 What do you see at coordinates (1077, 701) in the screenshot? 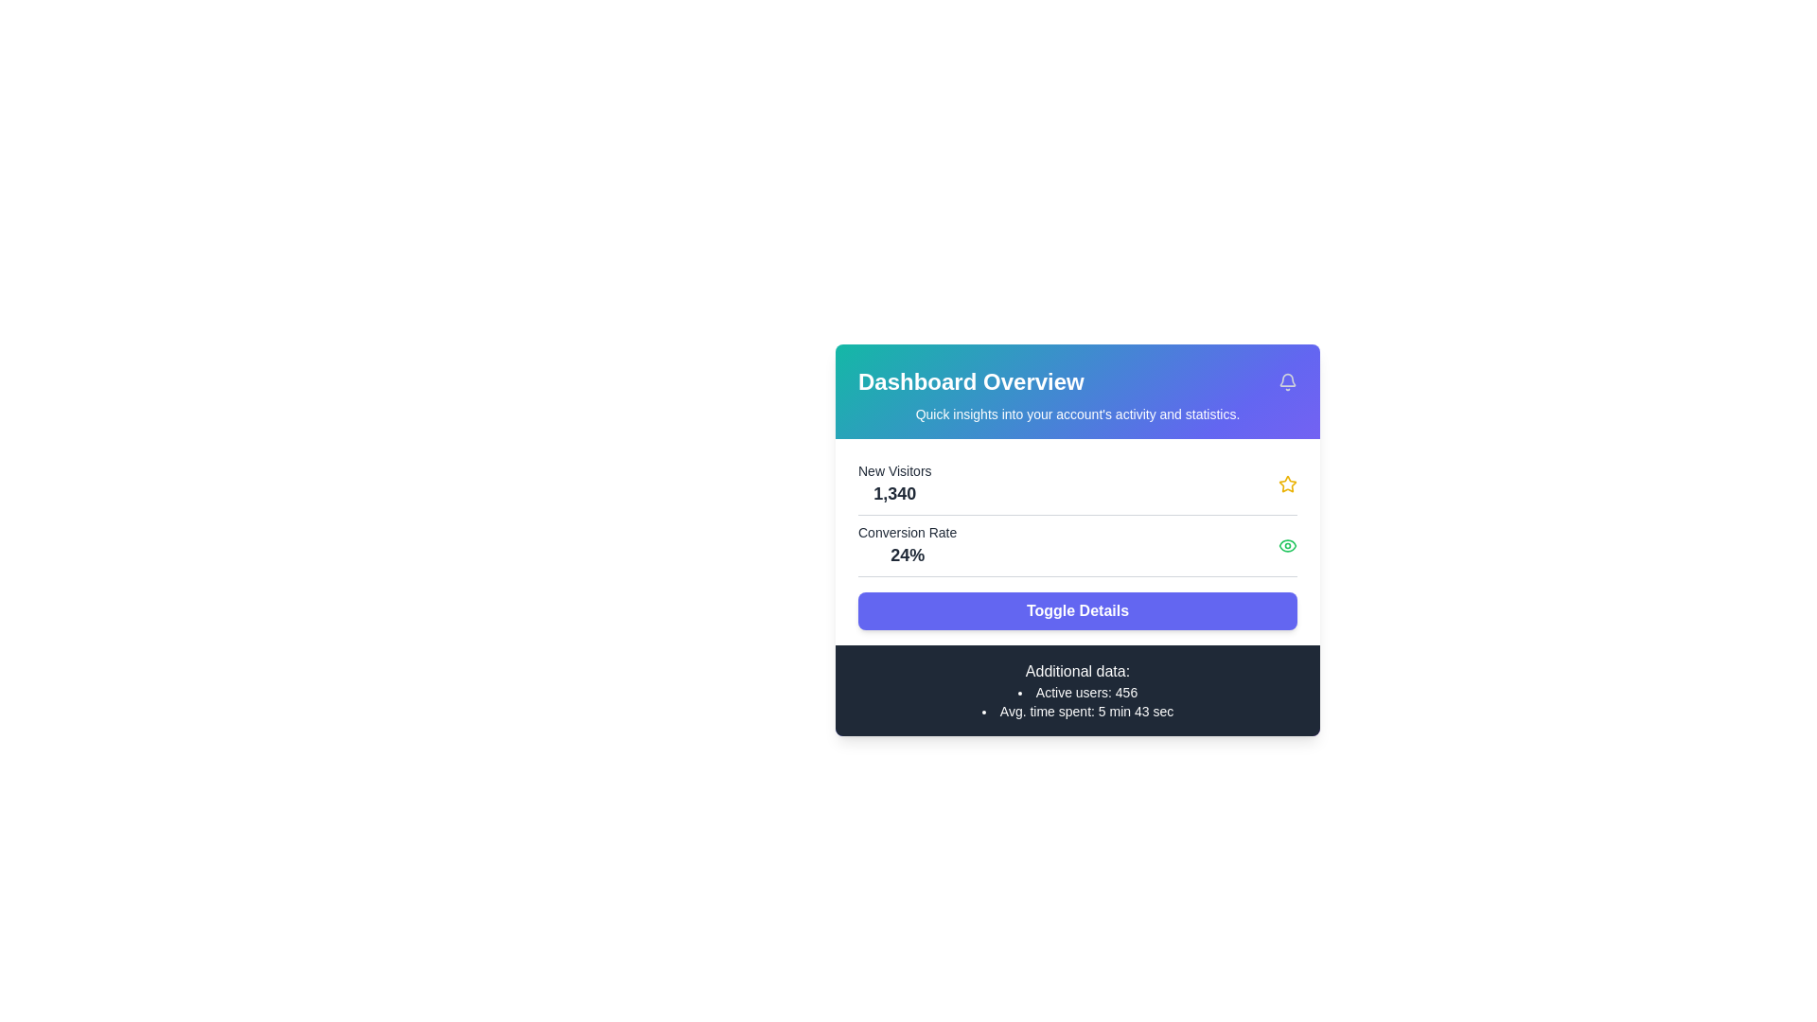
I see `the small textual component displaying 'Active users: 456' and 'Avg. time spent: 5 min 43 sec.' which is located in the bottom section of the card titled 'Additional data:'` at bounding box center [1077, 701].